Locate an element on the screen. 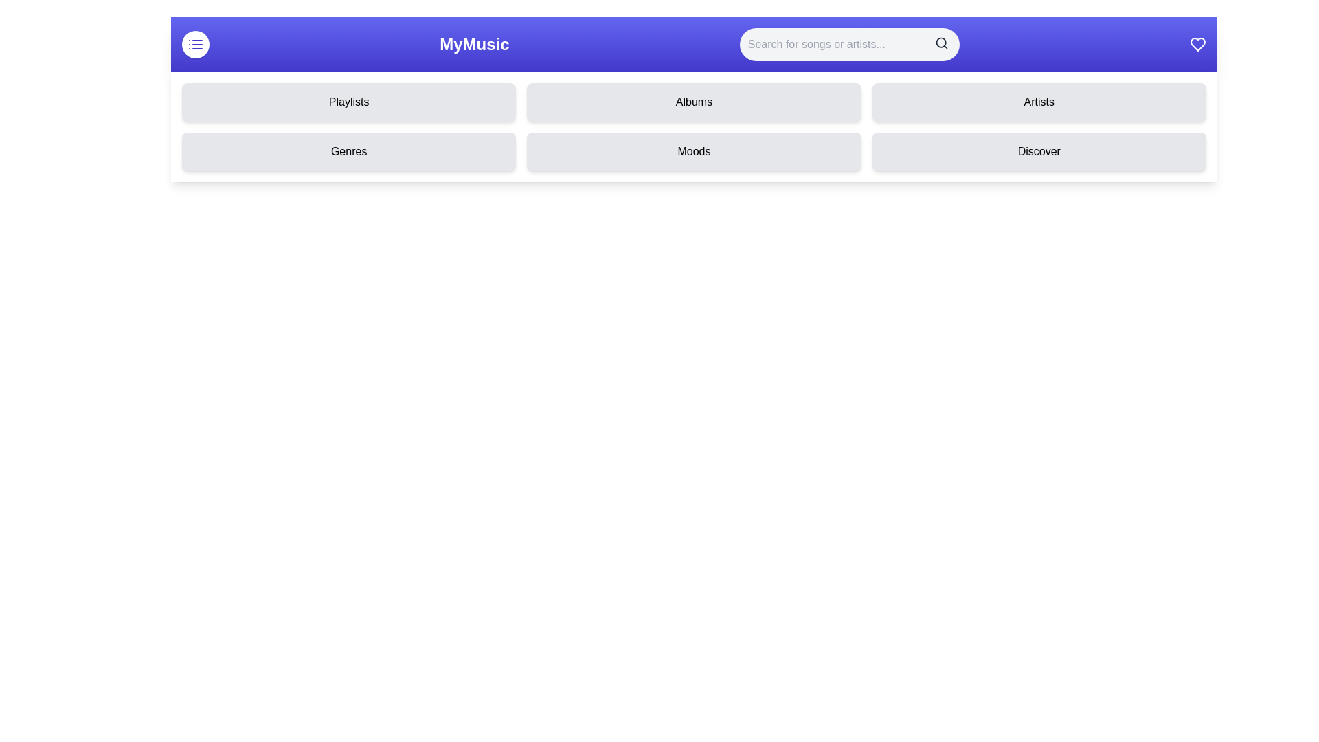  the category Albums from the menu is located at coordinates (693, 102).